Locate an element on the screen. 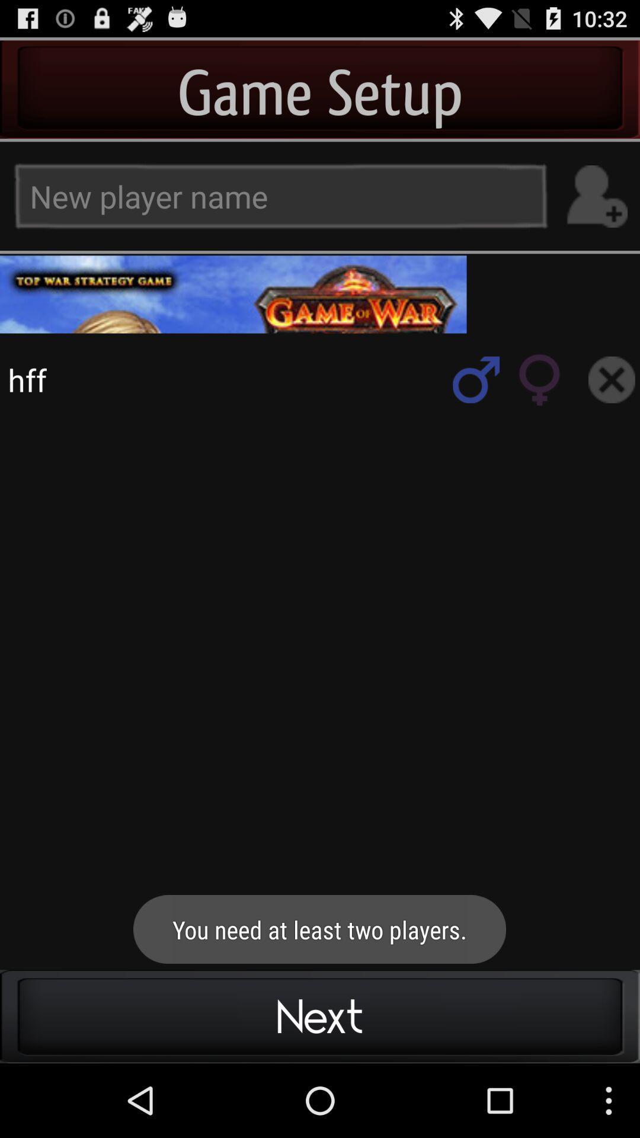  to favorites is located at coordinates (475, 379).